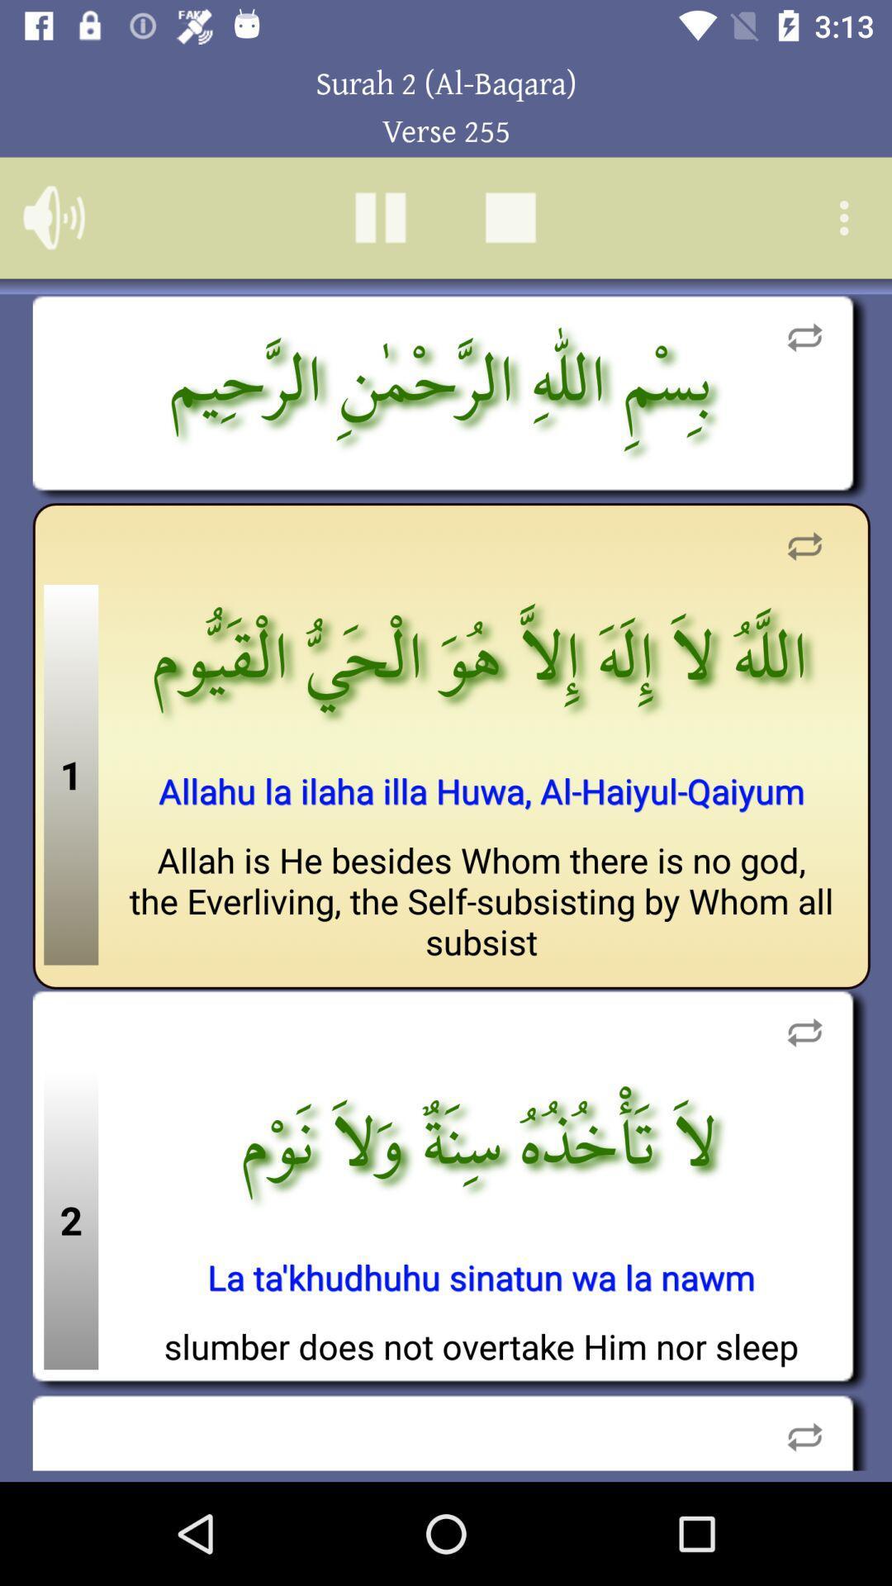 The height and width of the screenshot is (1586, 892). I want to click on replay verse, so click(804, 1431).